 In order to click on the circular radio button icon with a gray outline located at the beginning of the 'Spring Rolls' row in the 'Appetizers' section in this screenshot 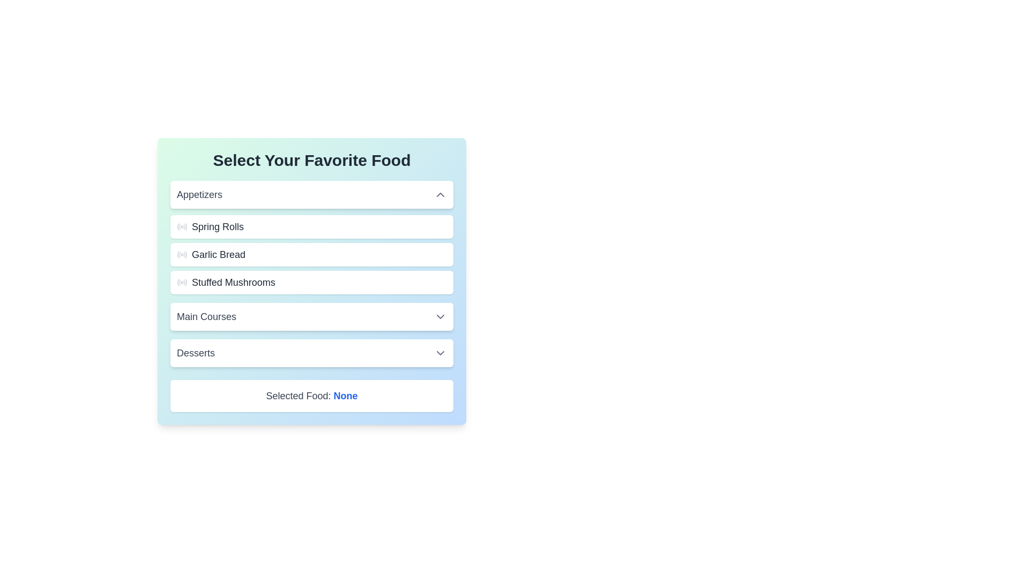, I will do `click(182, 226)`.